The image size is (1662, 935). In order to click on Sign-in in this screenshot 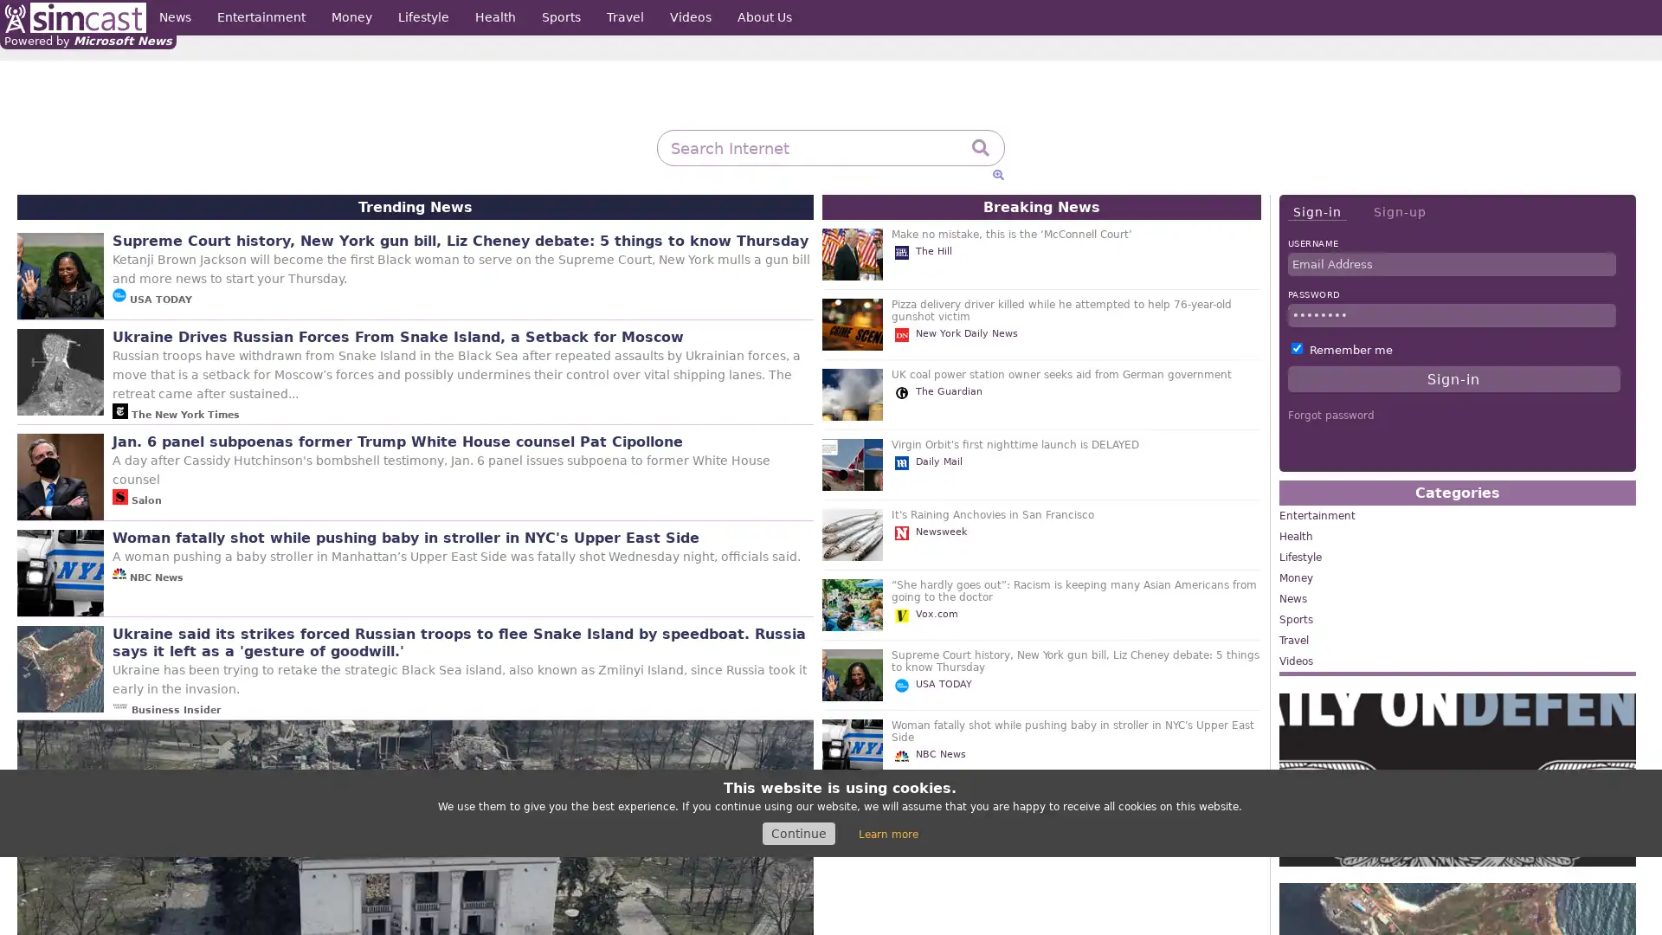, I will do `click(1316, 211)`.